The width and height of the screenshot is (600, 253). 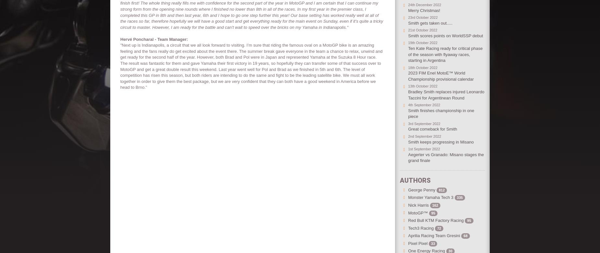 What do you see at coordinates (438, 227) in the screenshot?
I see `'72'` at bounding box center [438, 227].